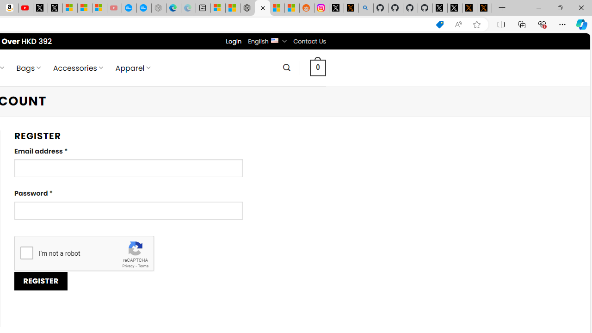 This screenshot has width=592, height=333. What do you see at coordinates (274, 39) in the screenshot?
I see `'English'` at bounding box center [274, 39].